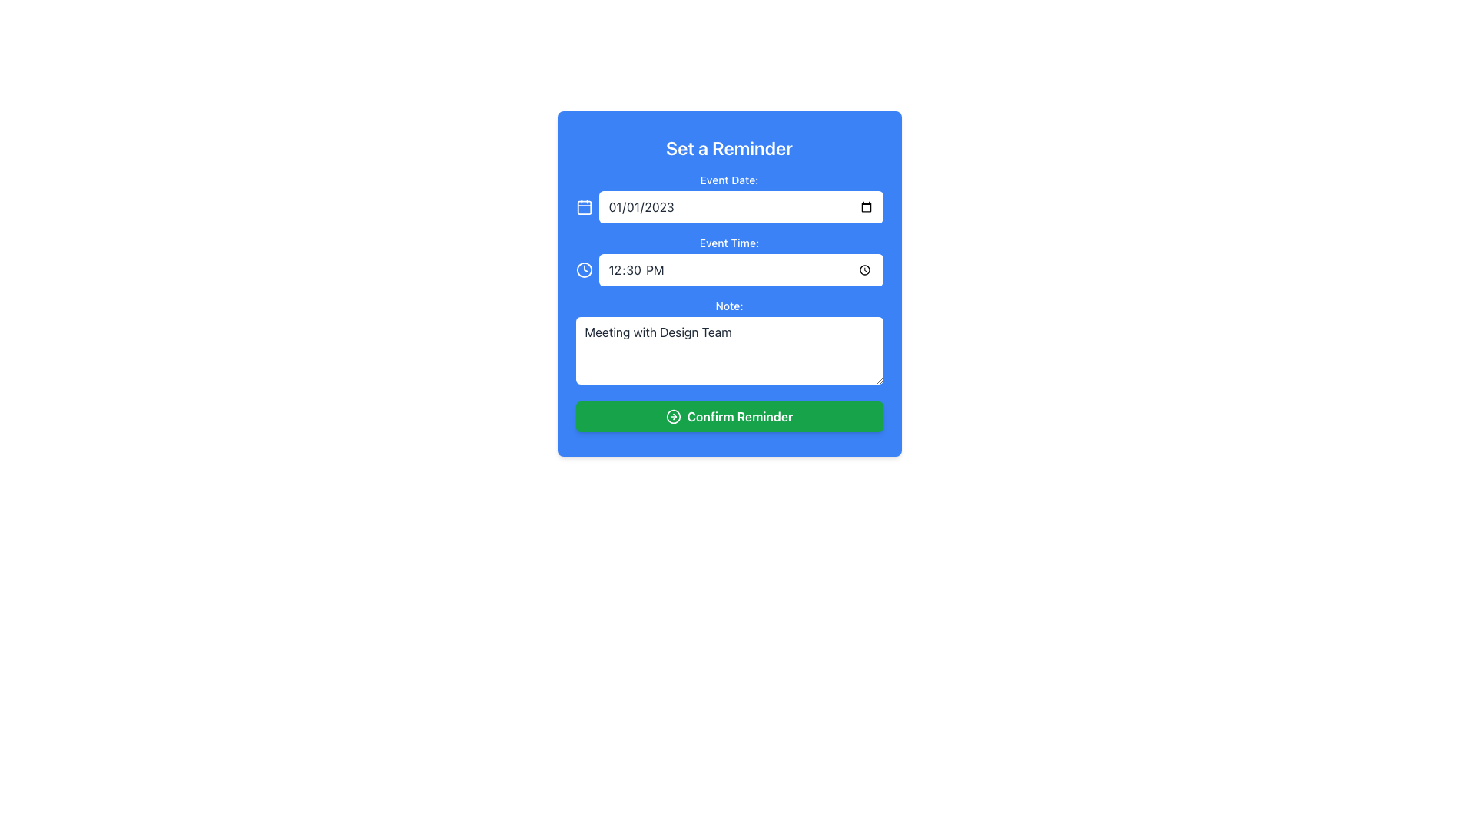  Describe the element at coordinates (728, 147) in the screenshot. I see `the static text element that serves as the title for the dialog indicating its purpose to set a reminder for an event` at that location.